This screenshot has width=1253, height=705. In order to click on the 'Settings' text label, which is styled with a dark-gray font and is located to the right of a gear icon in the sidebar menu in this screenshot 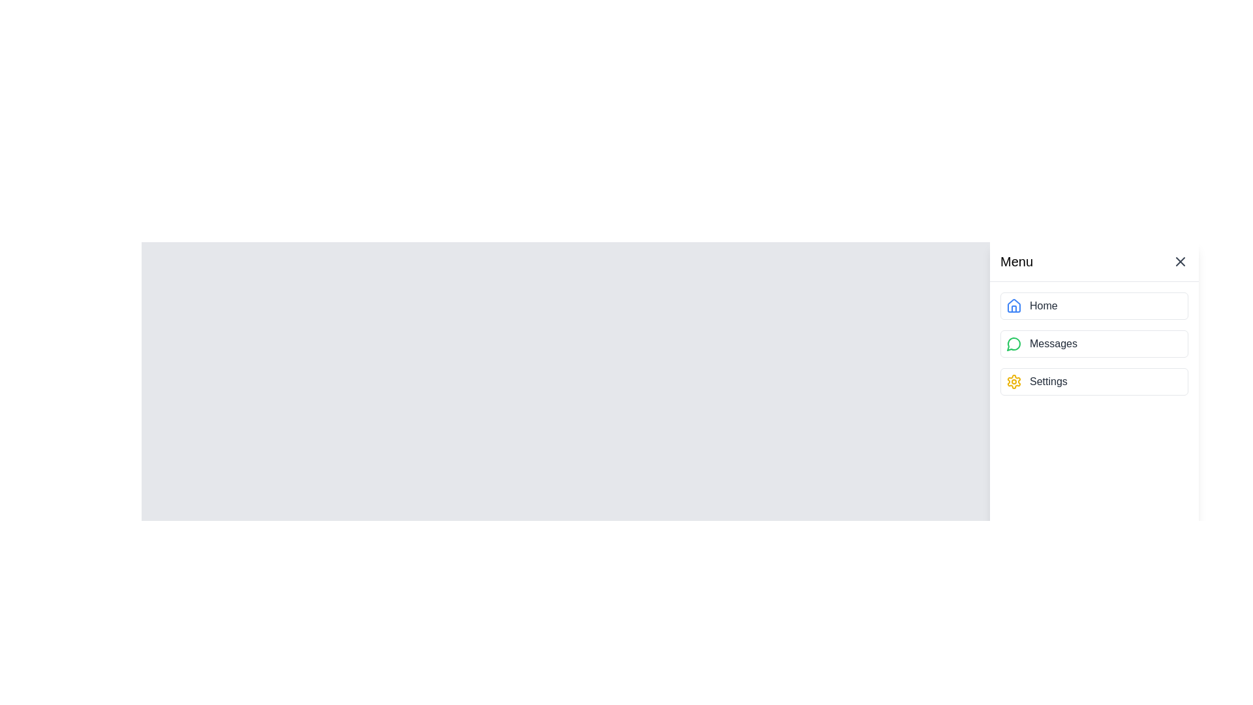, I will do `click(1048, 382)`.